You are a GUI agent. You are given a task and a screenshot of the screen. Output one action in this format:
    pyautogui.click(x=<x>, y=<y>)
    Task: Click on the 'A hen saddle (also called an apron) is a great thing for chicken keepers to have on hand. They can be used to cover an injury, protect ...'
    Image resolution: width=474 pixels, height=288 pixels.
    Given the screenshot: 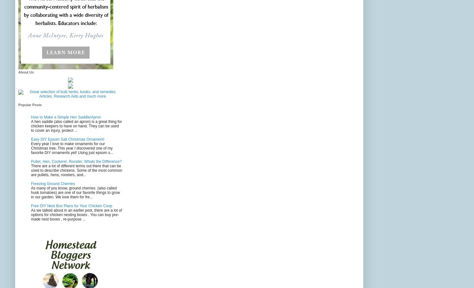 What is the action you would take?
    pyautogui.click(x=76, y=126)
    